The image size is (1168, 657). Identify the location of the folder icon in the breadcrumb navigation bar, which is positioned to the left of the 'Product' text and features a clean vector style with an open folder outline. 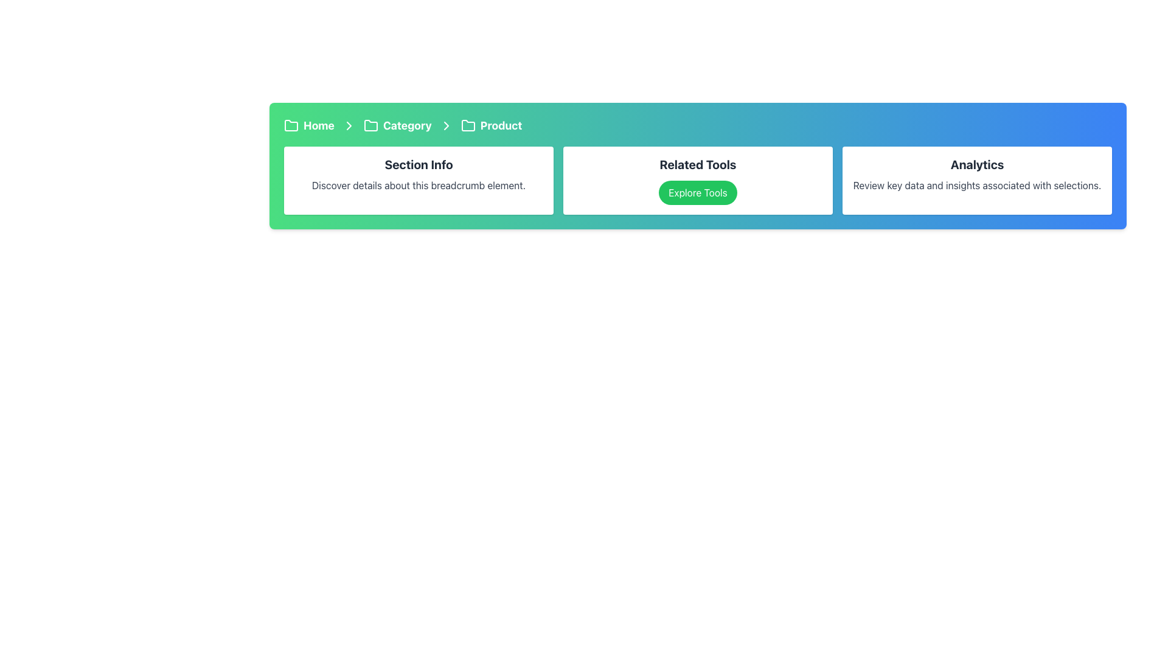
(467, 126).